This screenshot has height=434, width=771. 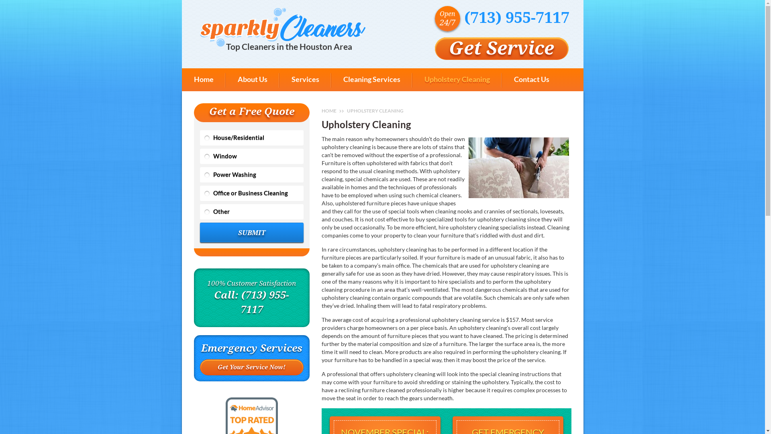 I want to click on 'SUBMIT', so click(x=251, y=232).